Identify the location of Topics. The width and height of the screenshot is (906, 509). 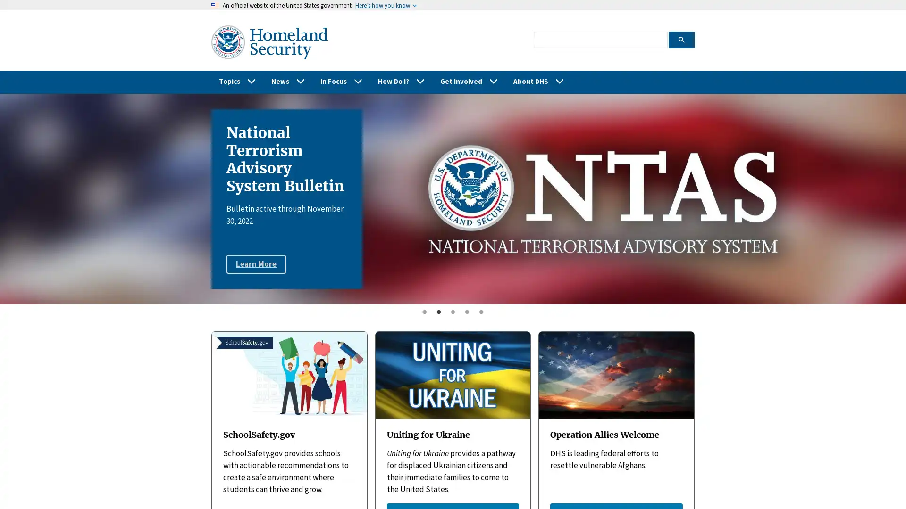
(237, 81).